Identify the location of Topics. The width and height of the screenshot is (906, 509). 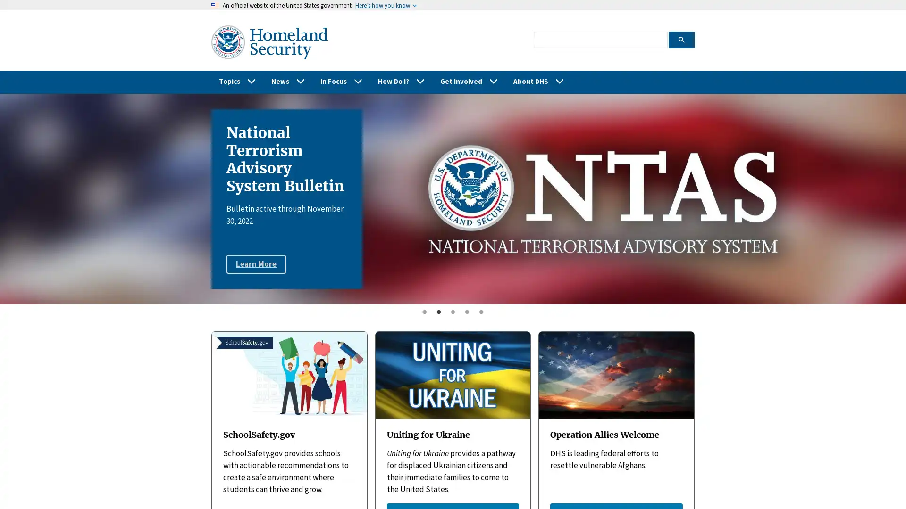
(237, 81).